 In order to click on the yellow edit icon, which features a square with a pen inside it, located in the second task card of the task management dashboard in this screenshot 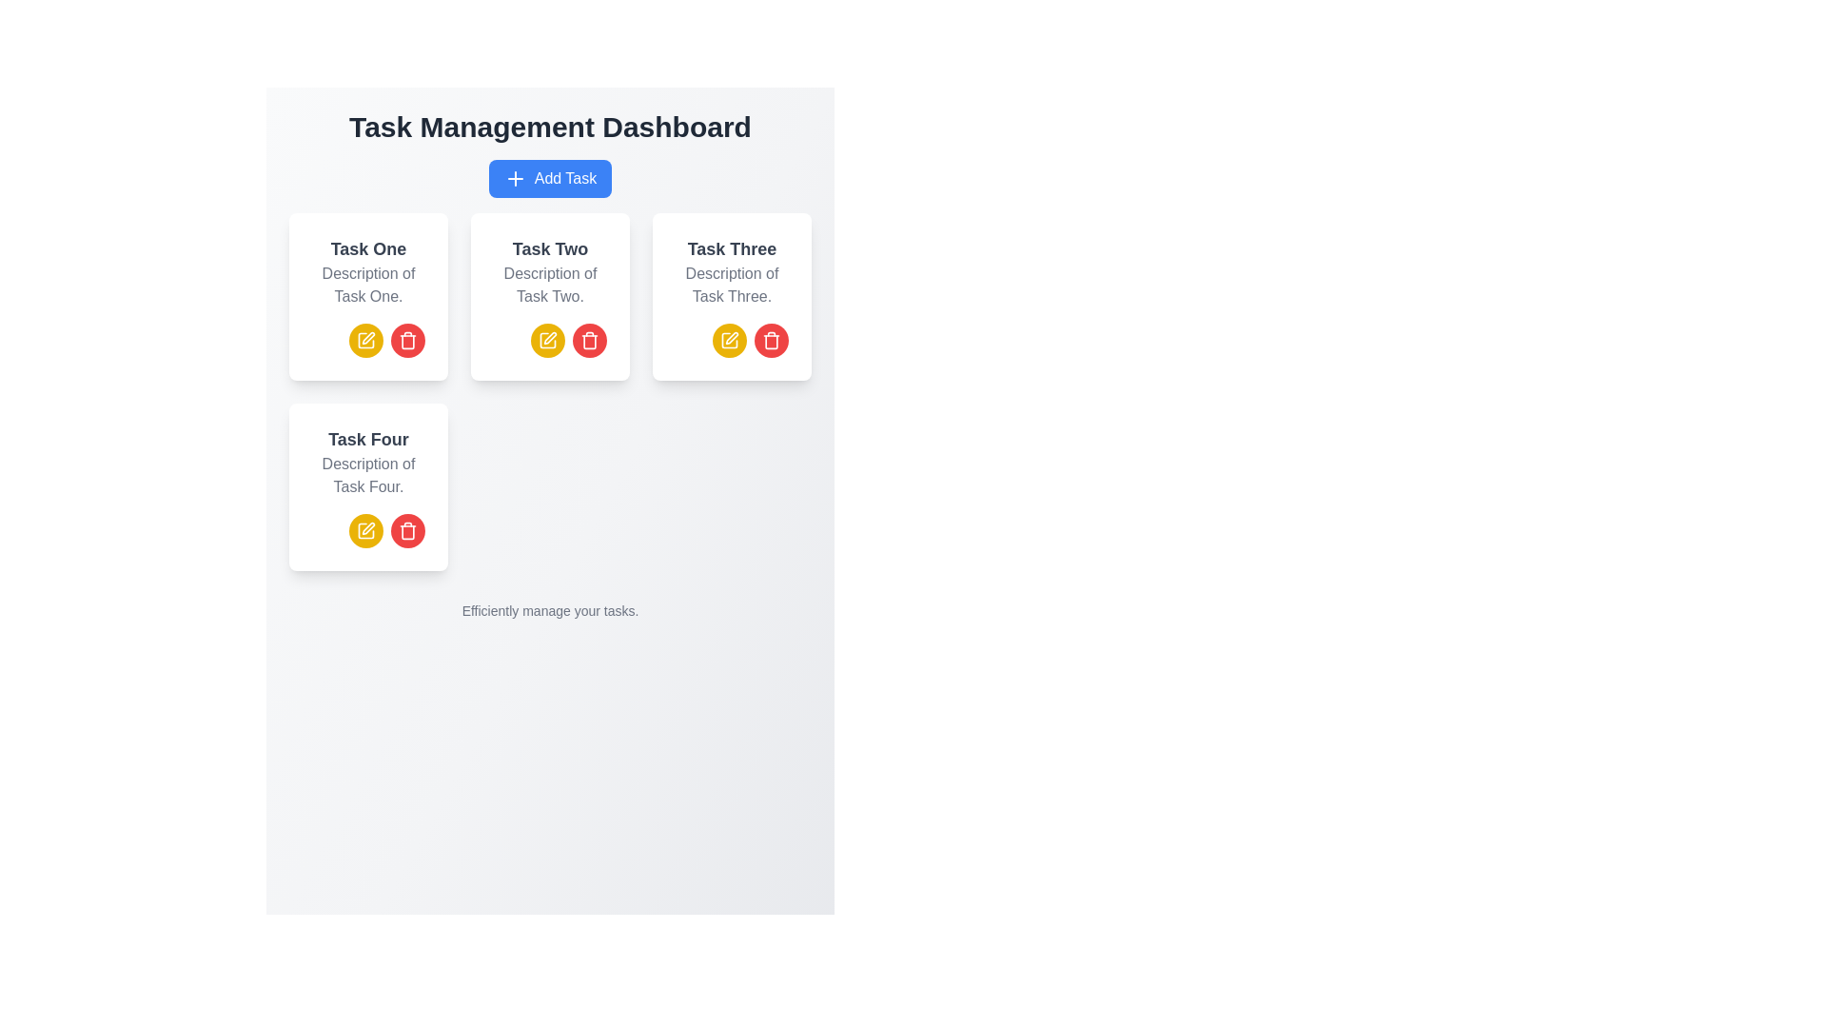, I will do `click(547, 340)`.